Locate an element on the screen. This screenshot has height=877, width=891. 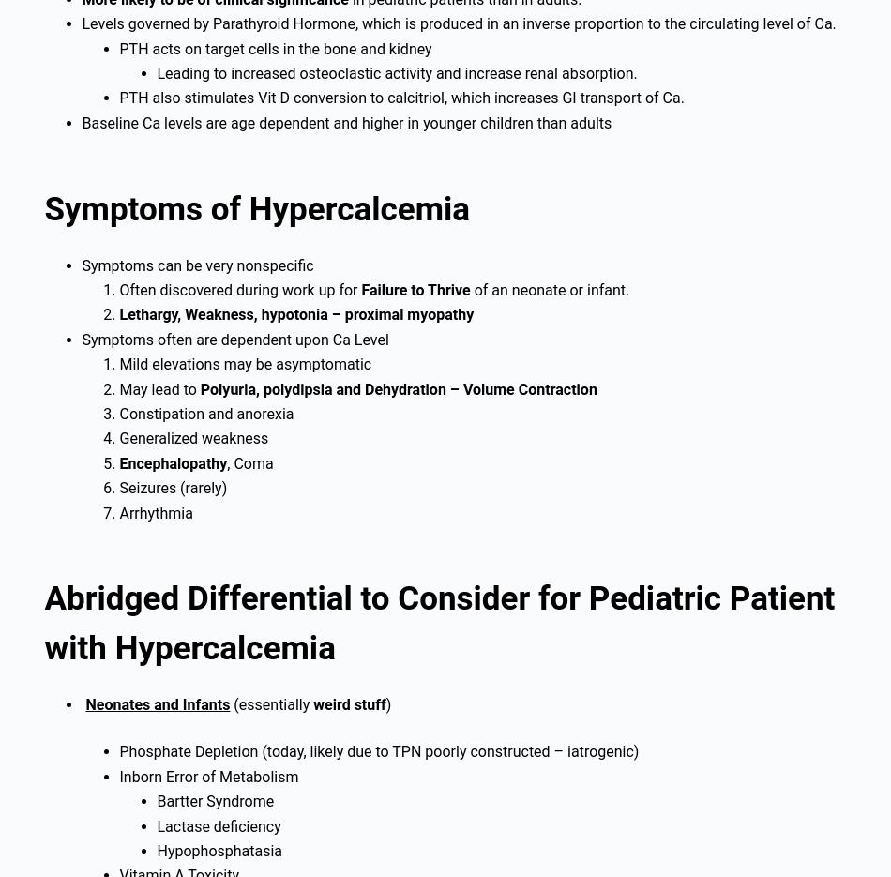
'THE HEADSS Assessment in the Ped ED' is located at coordinates (177, 286).